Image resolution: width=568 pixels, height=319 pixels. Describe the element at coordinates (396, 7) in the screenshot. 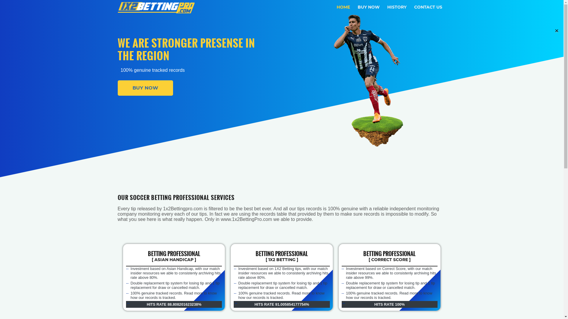

I see `'HISTORY'` at that location.